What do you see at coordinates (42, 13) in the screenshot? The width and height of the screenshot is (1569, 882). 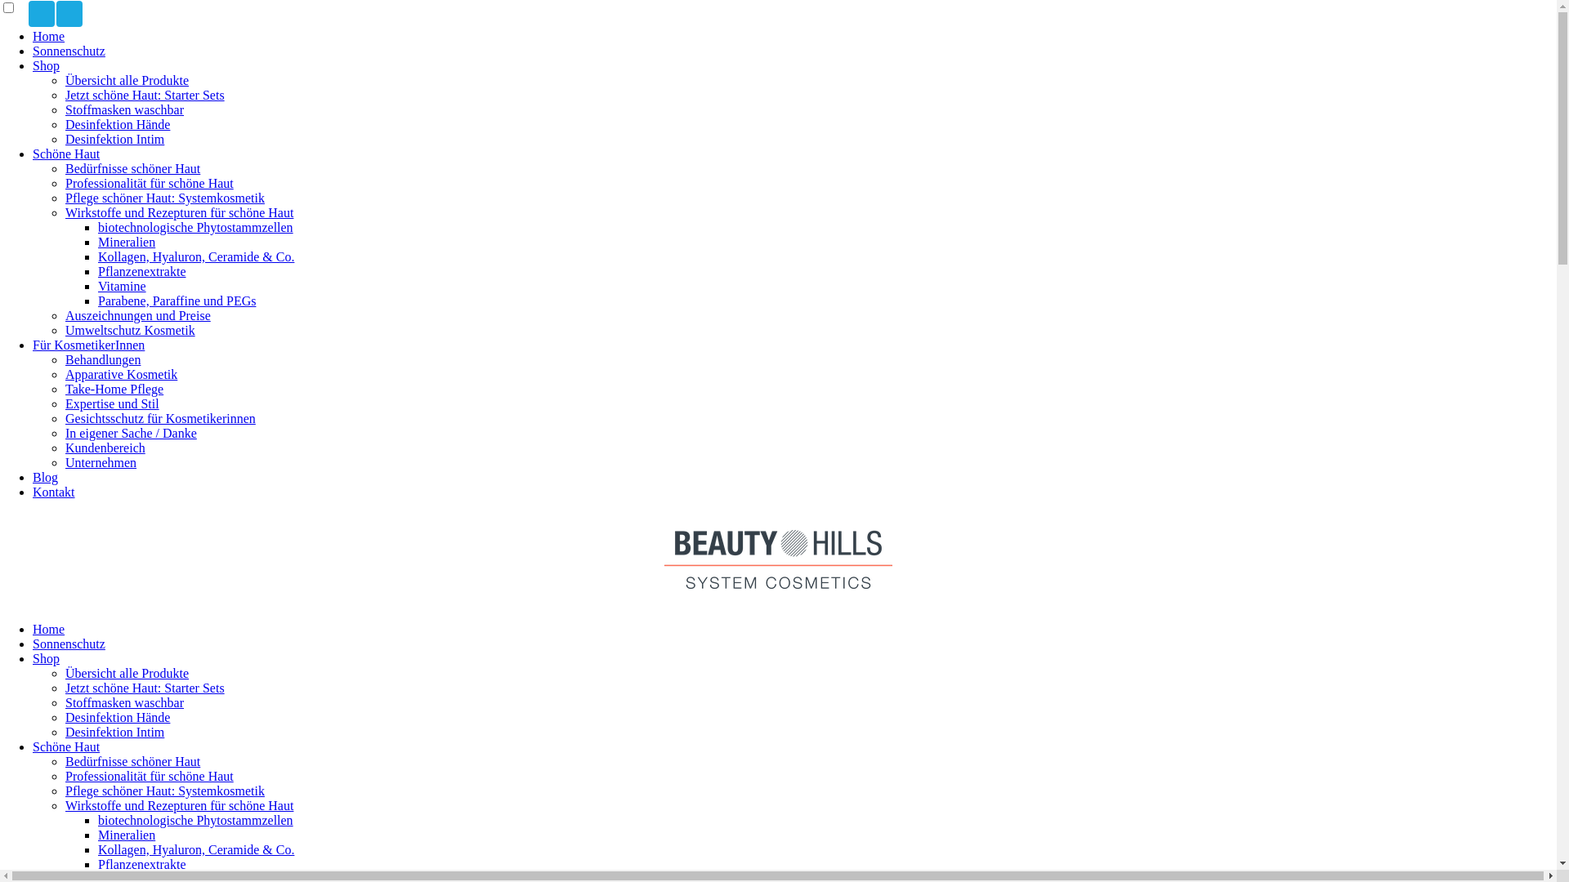 I see `' '` at bounding box center [42, 13].